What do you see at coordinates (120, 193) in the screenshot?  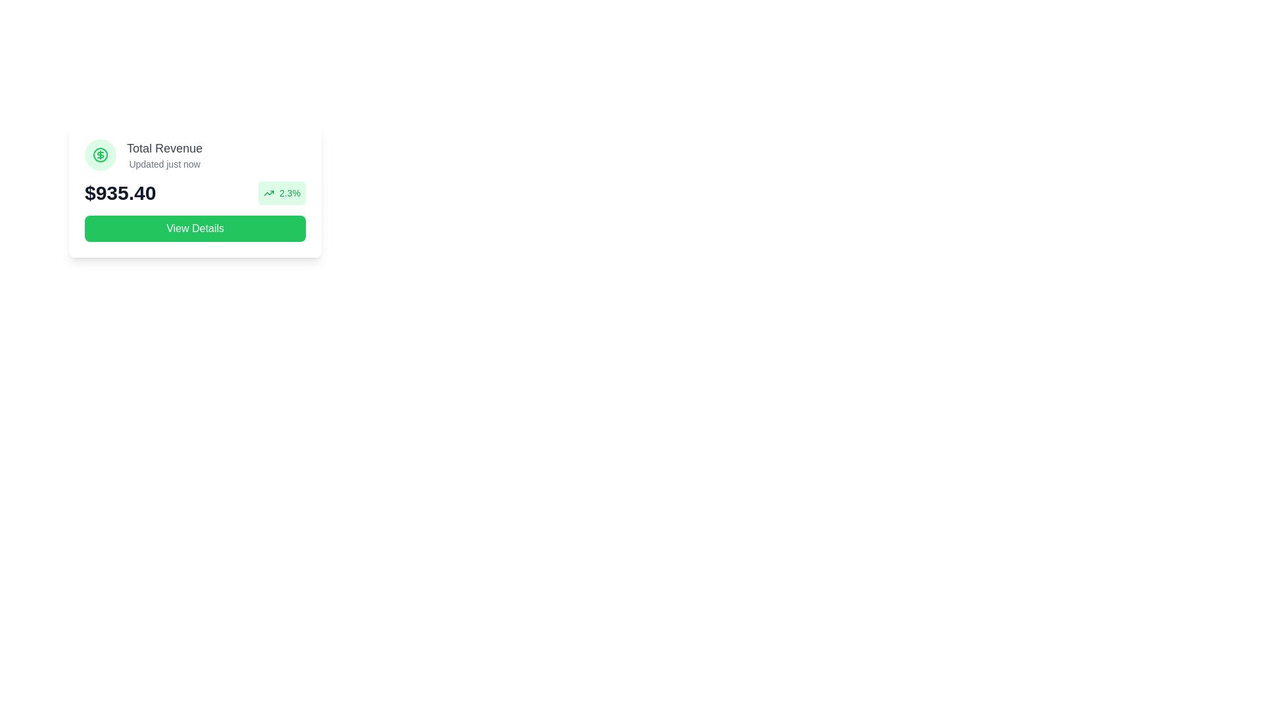 I see `the static text displaying the monetary value located below the 'Total Revenue' label and adjacent to the '2.3%' growth indicator in the top-left section of the card component` at bounding box center [120, 193].